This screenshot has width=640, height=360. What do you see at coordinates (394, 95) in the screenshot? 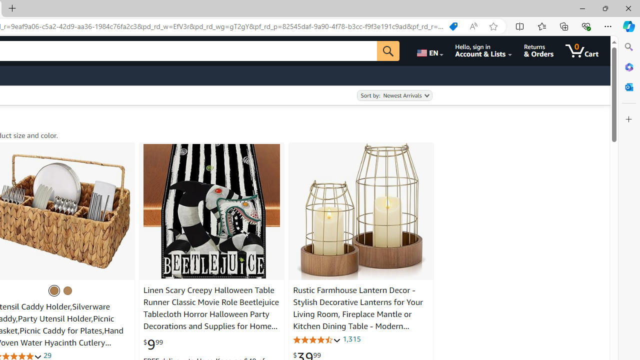
I see `'Sort by:'` at bounding box center [394, 95].